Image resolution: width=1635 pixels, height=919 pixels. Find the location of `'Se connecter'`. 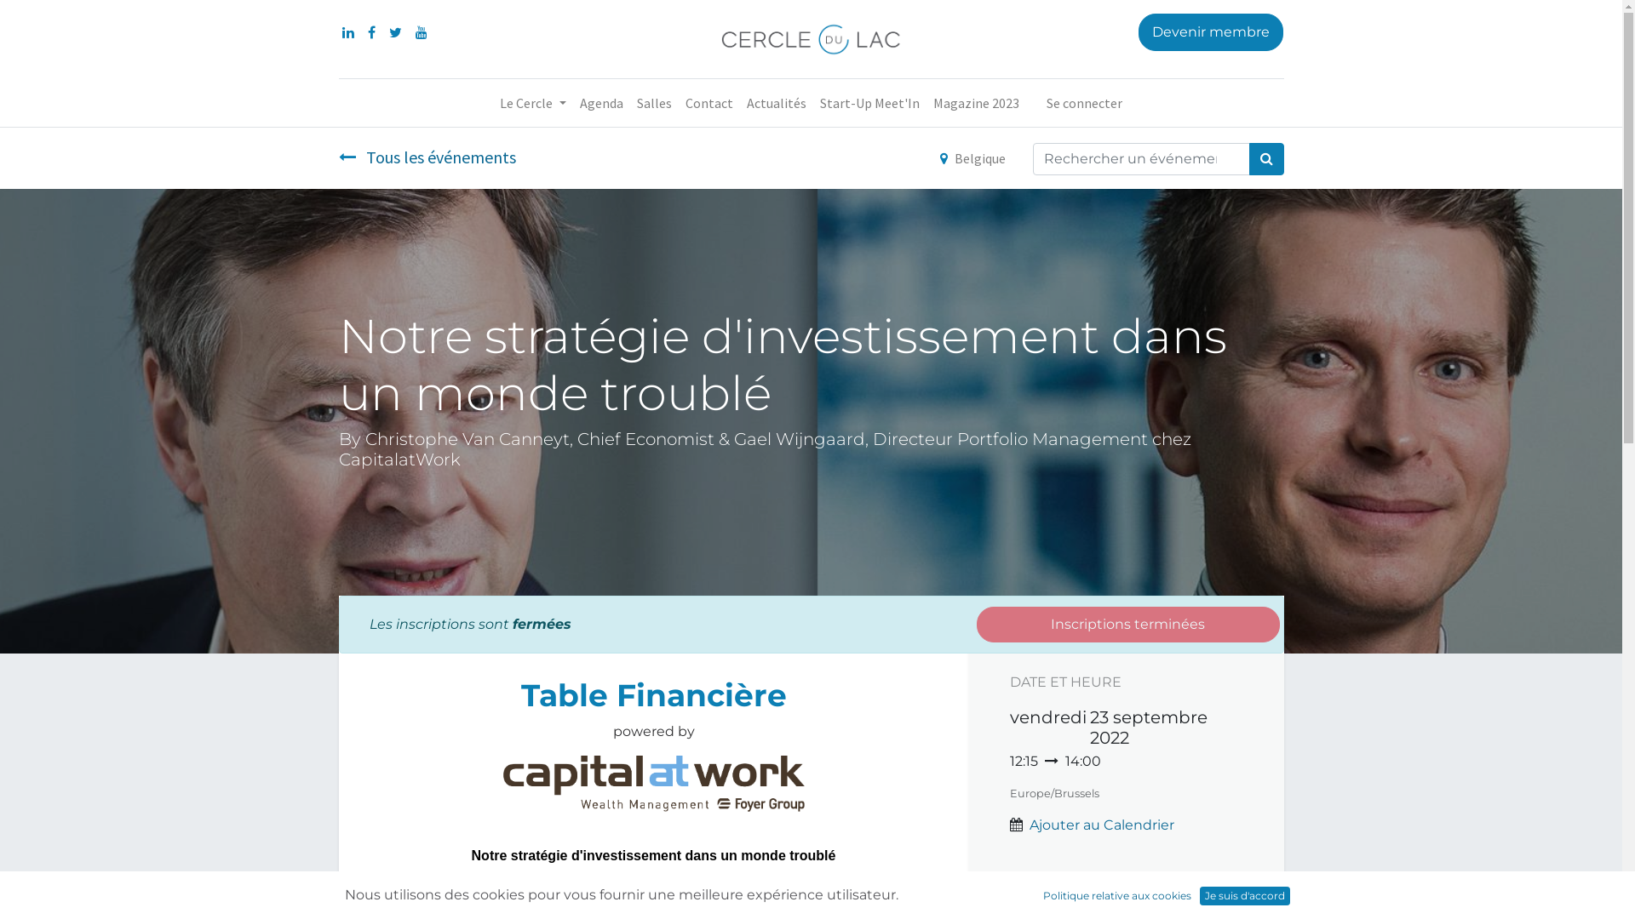

'Se connecter' is located at coordinates (1083, 102).